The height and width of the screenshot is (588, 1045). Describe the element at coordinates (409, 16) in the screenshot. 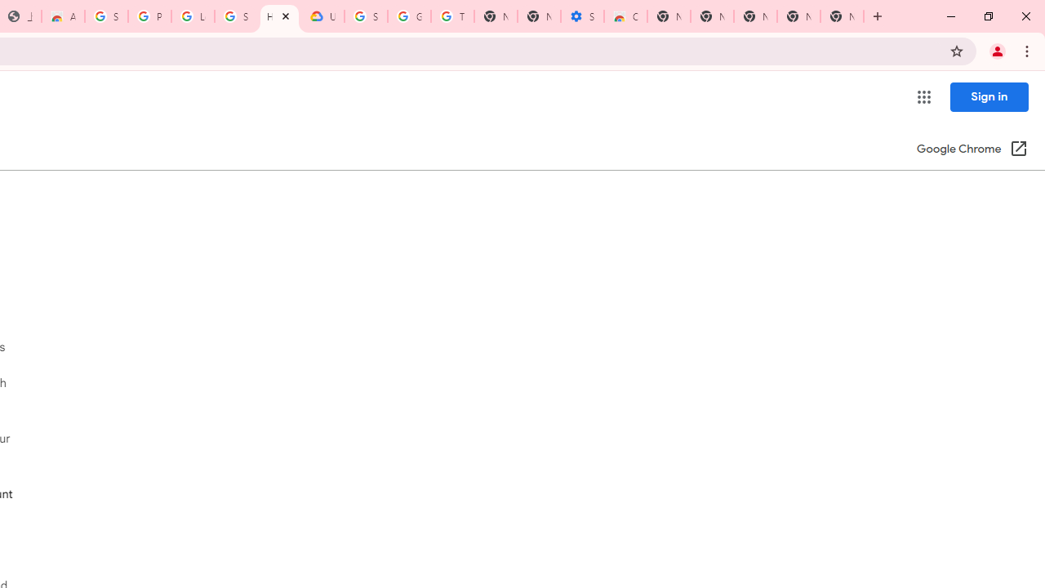

I see `'Google Account Help'` at that location.